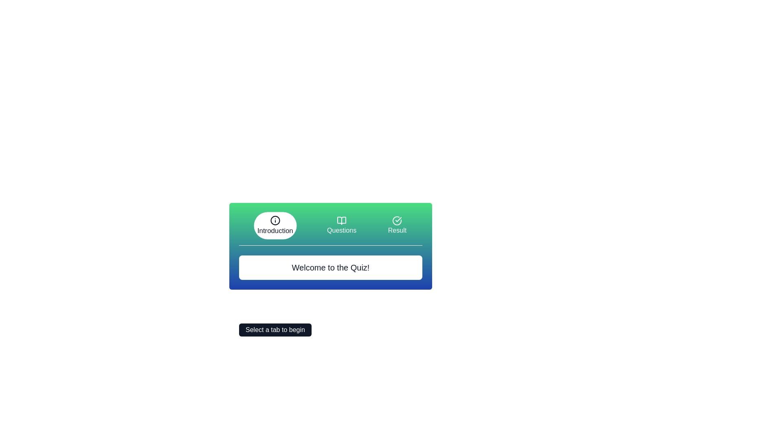 The image size is (782, 440). Describe the element at coordinates (397, 226) in the screenshot. I see `the Result tab by clicking its icon` at that location.